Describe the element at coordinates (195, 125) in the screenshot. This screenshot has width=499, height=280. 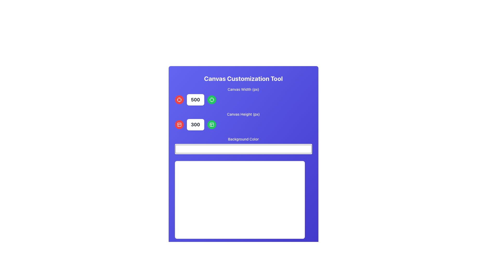
I see `the Text display box showing the numerical value '300', which indicates the current canvas height in pixels, located in the second row of the interface` at that location.